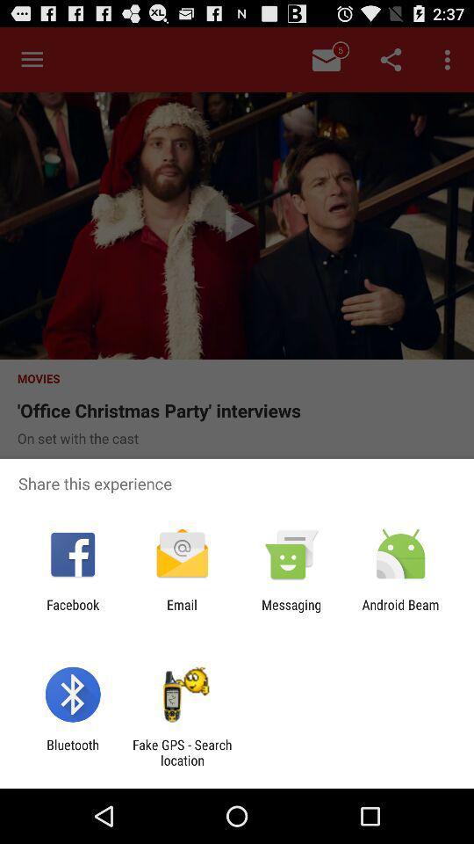 Image resolution: width=474 pixels, height=844 pixels. I want to click on icon next to messaging app, so click(400, 612).